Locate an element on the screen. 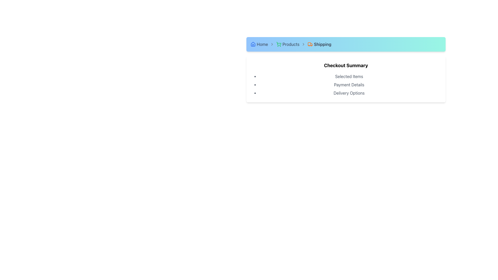 The width and height of the screenshot is (498, 280). the graphical SVG shape representing the shopping cart, which indicates the 'Products' step in the breadcrumb navigation between 'Home' and 'Shipping' is located at coordinates (279, 43).